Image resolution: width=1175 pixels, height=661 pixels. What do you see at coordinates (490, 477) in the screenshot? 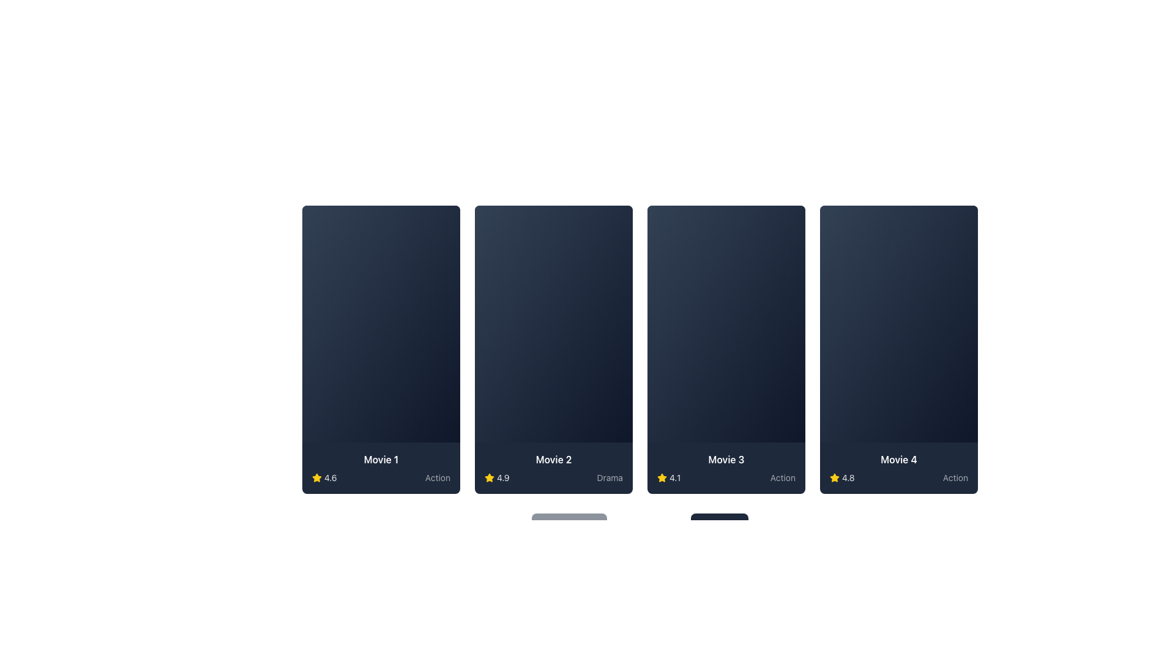
I see `the star icon representing the rating for 'Movie 3', which is located in the bottom bar of the third movie card from the left, adjacent to the numerical rating of 4.1` at bounding box center [490, 477].